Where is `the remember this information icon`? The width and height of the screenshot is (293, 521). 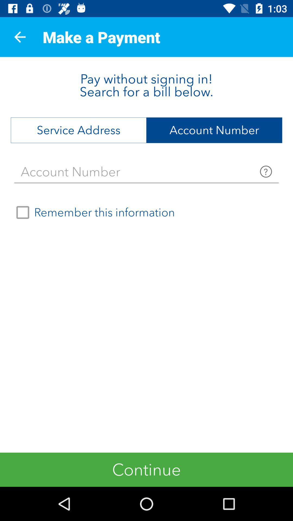 the remember this information icon is located at coordinates (93, 212).